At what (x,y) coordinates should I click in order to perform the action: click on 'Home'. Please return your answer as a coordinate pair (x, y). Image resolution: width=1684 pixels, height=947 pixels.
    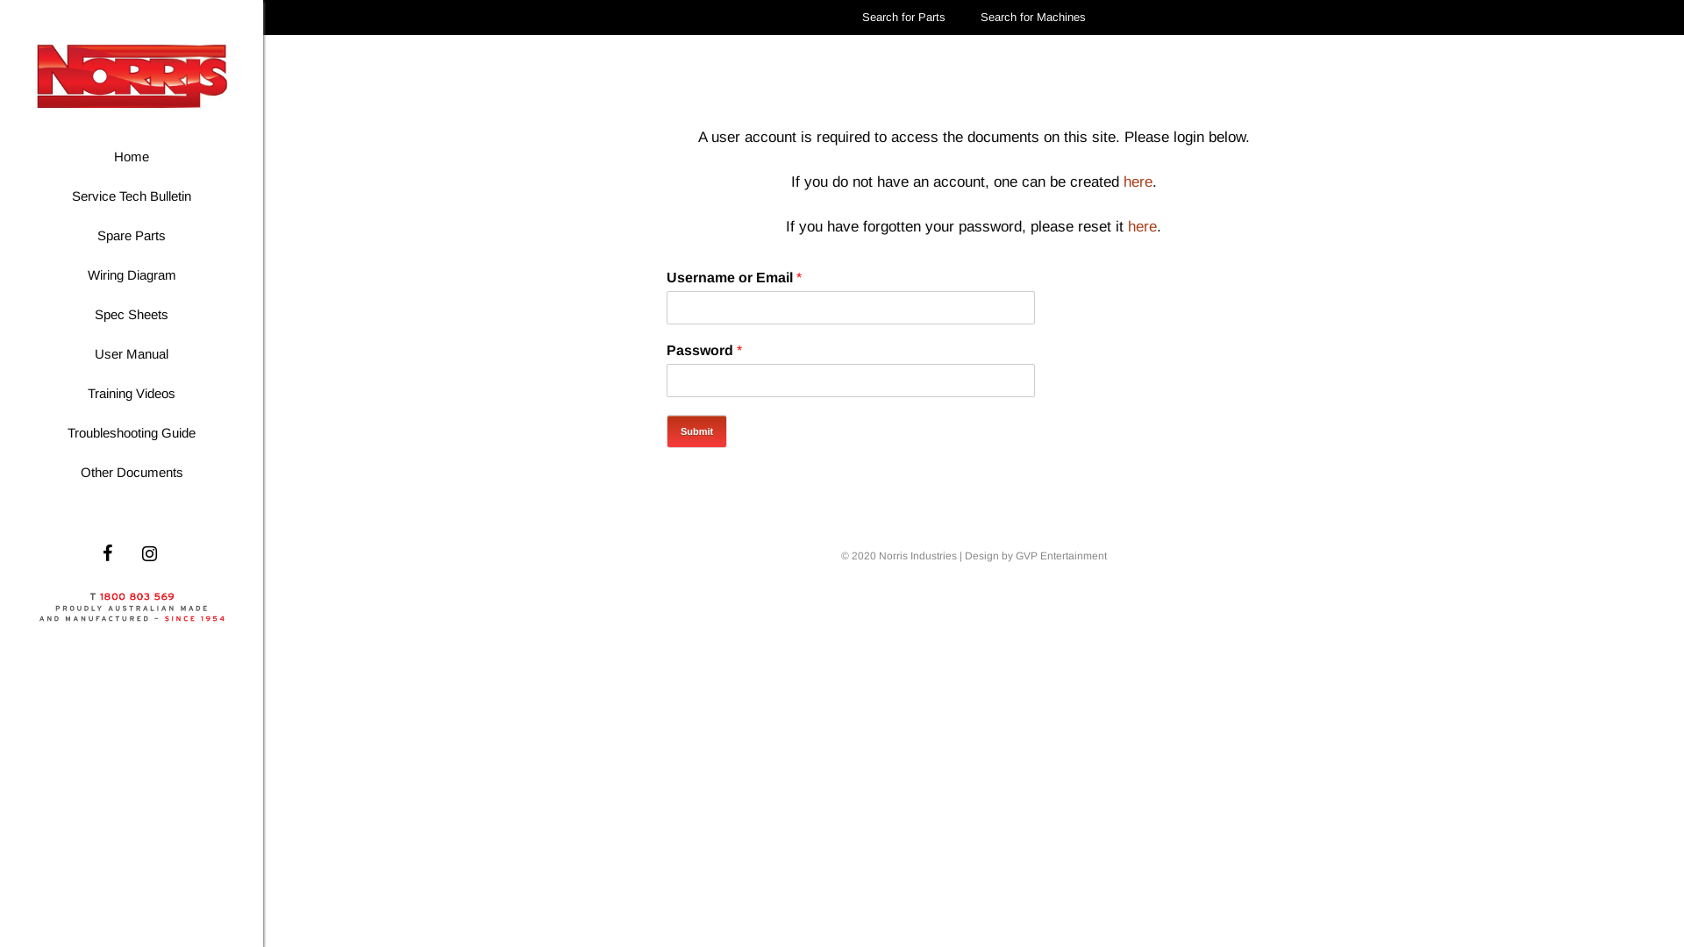
    Looking at the image, I should click on (130, 155).